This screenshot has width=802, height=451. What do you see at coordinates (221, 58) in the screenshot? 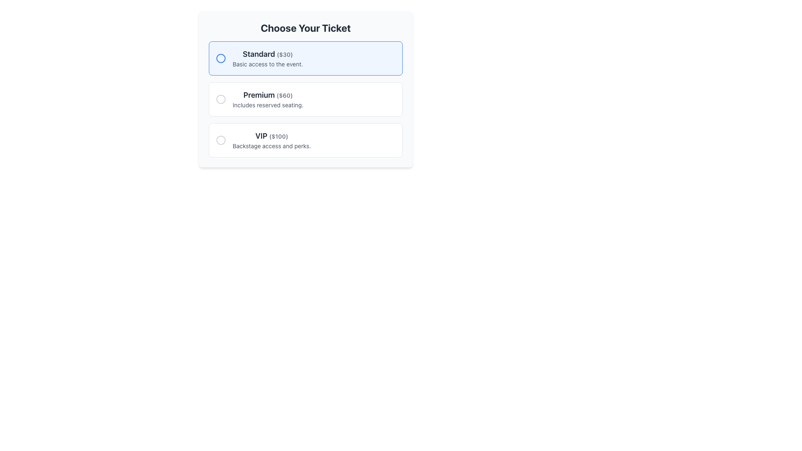
I see `the circular icon with a blue border and white fill next to the 'Standard ($30)' text in the 'Choose Your Ticket' selection list` at bounding box center [221, 58].